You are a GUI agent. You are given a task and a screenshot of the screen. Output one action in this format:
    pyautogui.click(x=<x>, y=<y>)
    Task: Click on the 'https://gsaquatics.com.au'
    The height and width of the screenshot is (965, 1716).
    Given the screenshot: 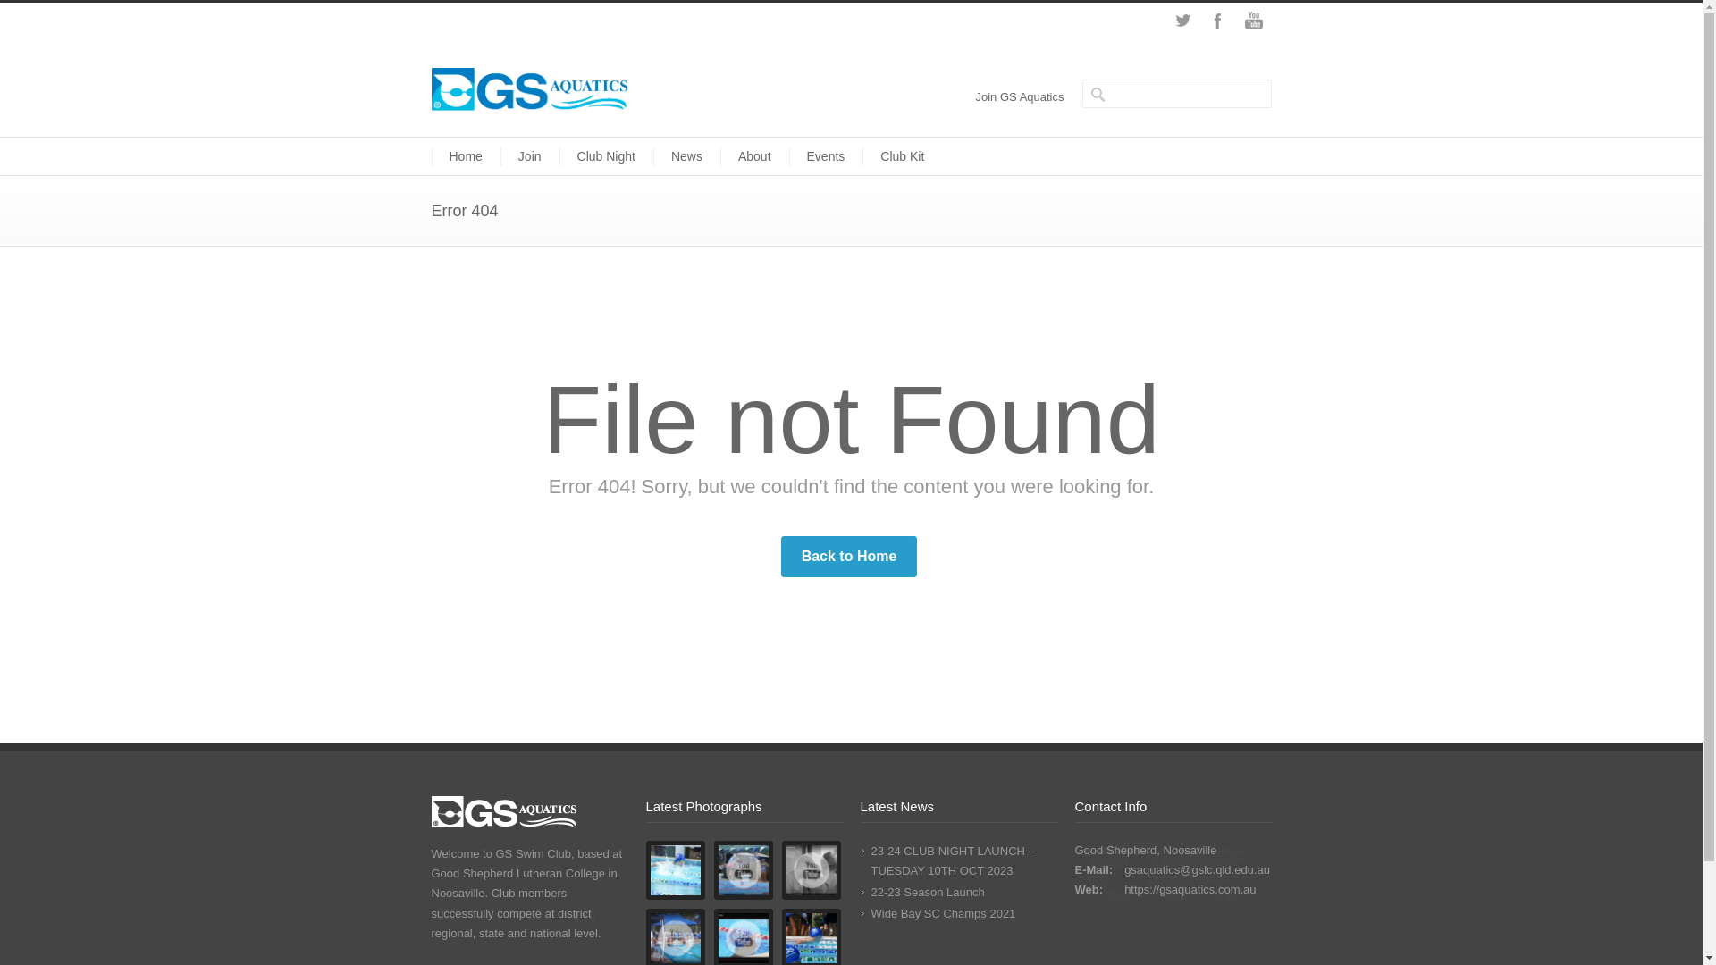 What is the action you would take?
    pyautogui.click(x=1123, y=889)
    